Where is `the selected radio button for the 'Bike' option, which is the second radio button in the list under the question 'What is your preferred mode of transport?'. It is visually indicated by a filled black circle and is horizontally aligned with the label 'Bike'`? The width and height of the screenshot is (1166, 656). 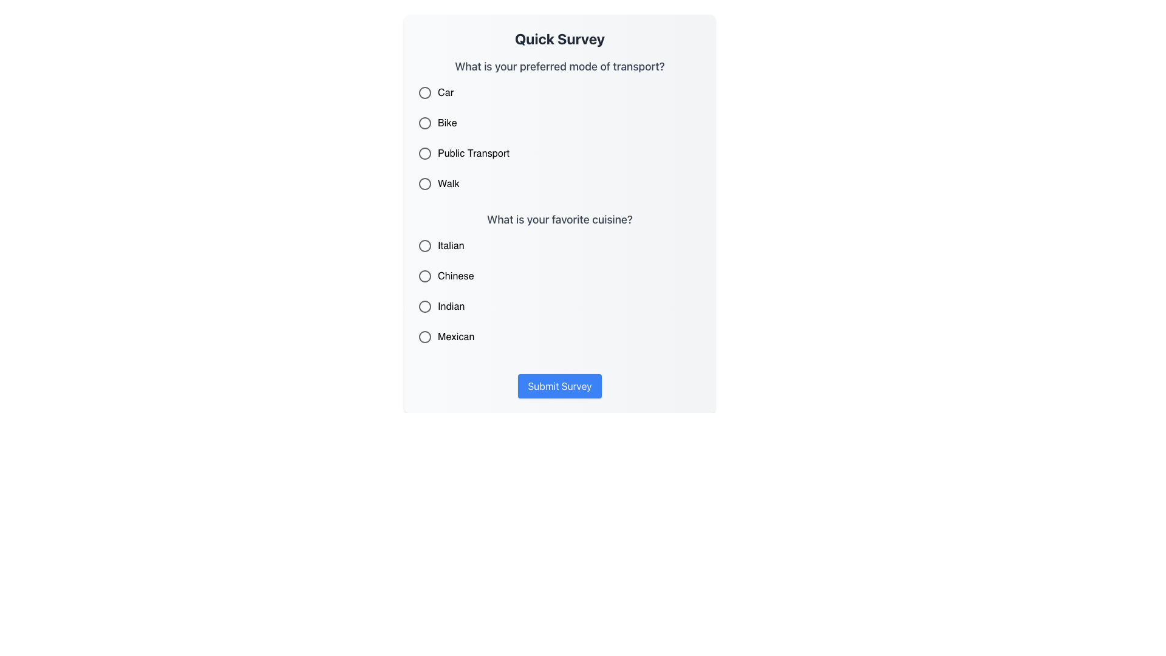 the selected radio button for the 'Bike' option, which is the second radio button in the list under the question 'What is your preferred mode of transport?'. It is visually indicated by a filled black circle and is horizontally aligned with the label 'Bike' is located at coordinates (425, 123).